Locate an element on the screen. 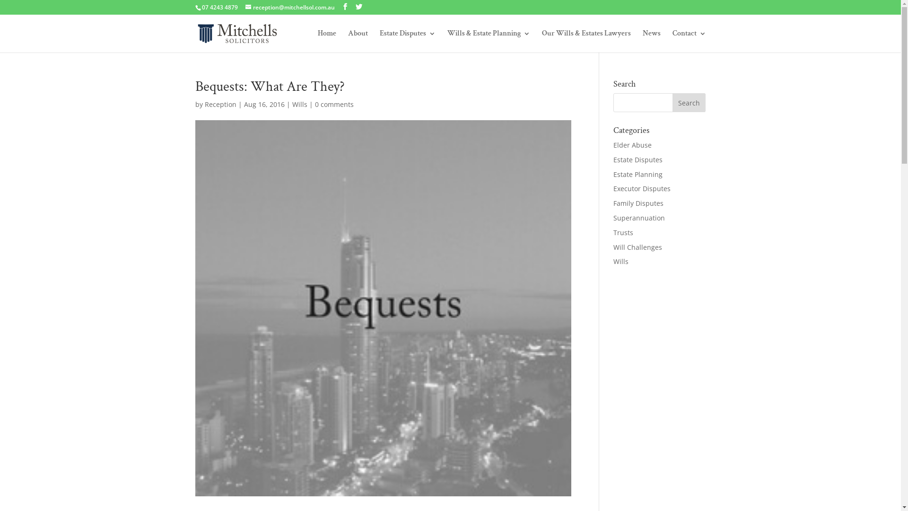 This screenshot has height=511, width=908. 'Home' is located at coordinates (327, 41).